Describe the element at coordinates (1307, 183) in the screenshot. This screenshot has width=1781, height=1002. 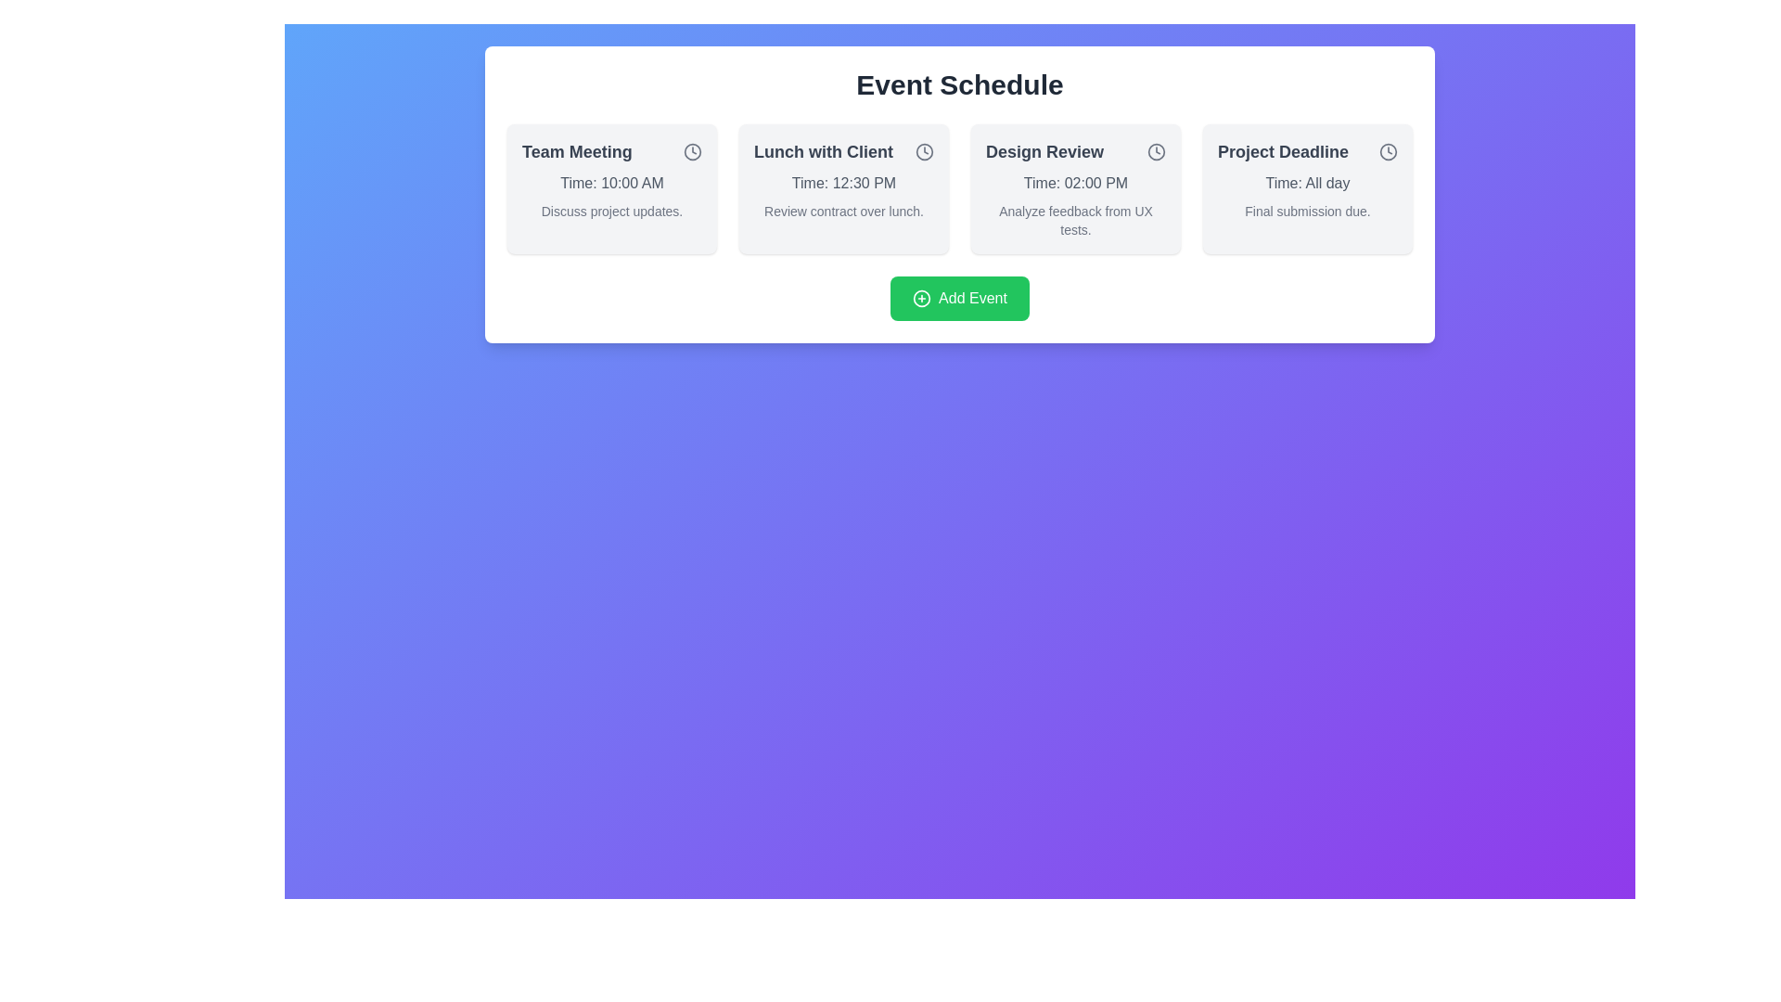
I see `the text label that reads 'Time: All day', which is positioned below the 'Project Deadline' title and above the 'Final submission due' description` at that location.